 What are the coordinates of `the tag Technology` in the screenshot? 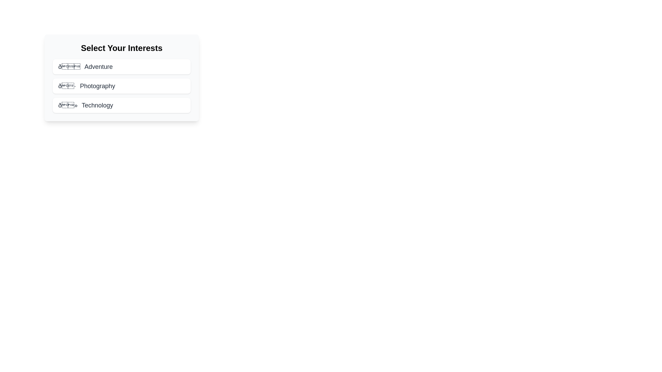 It's located at (122, 105).